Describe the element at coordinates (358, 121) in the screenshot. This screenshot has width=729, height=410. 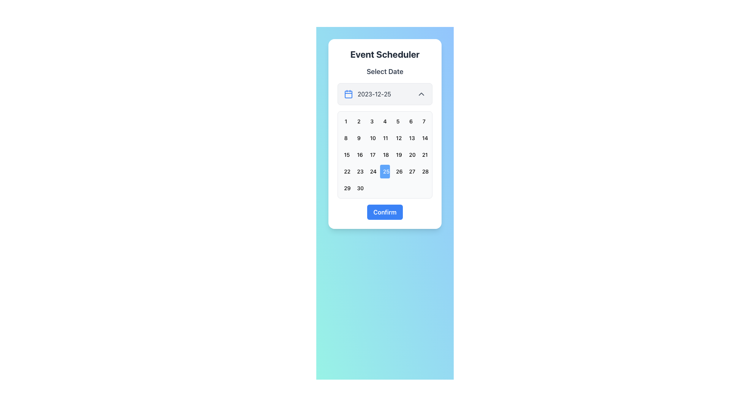
I see `the date selection button for the number '2' in the calendar interface` at that location.